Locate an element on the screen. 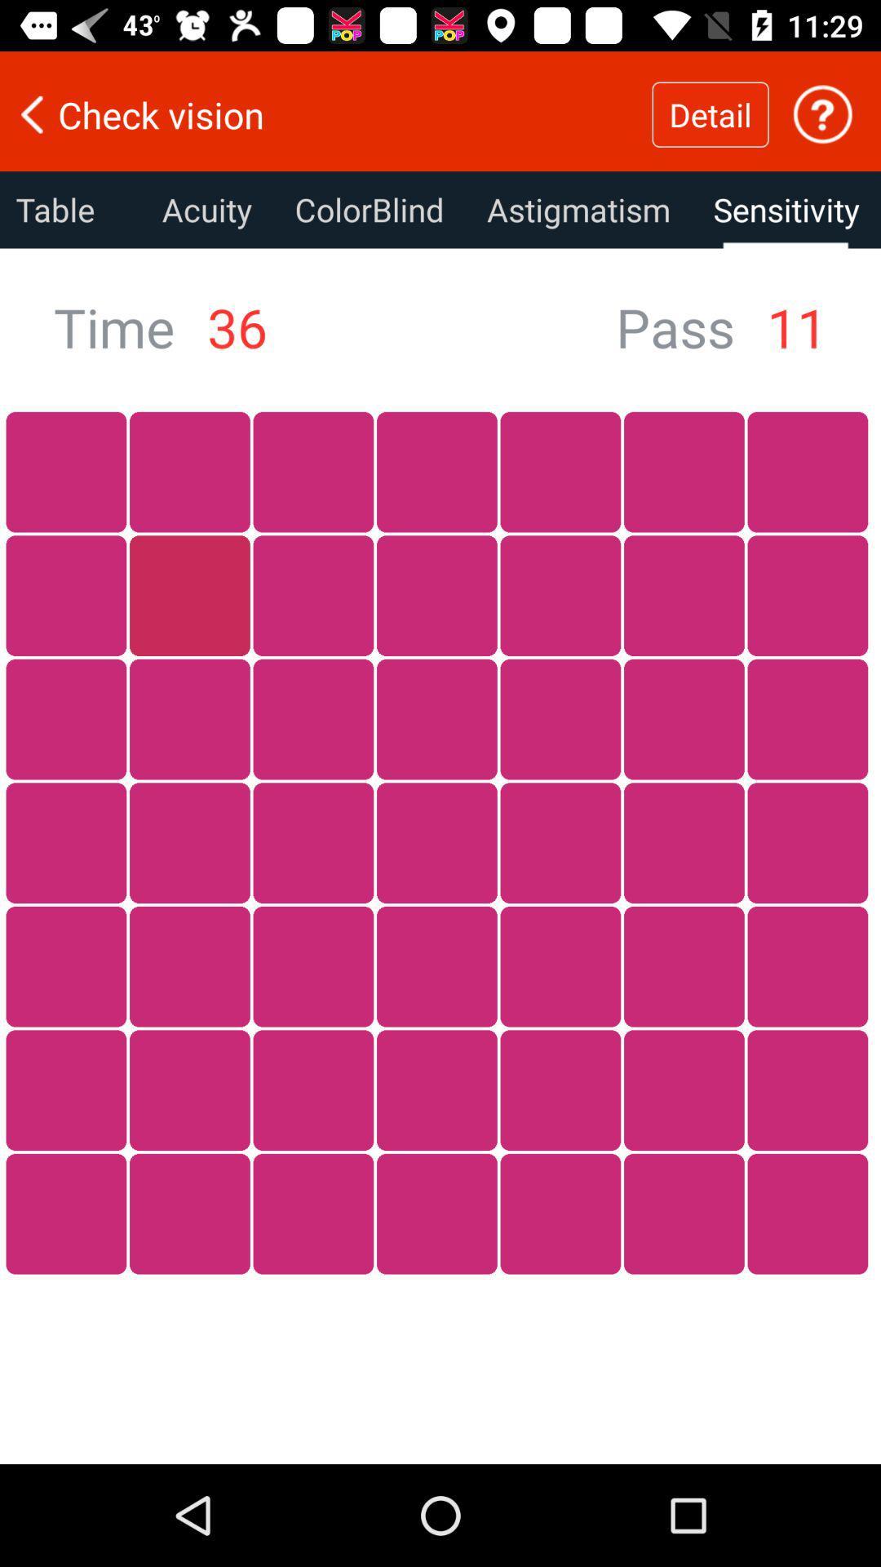 Image resolution: width=881 pixels, height=1567 pixels. the item above astigmatism is located at coordinates (710, 113).